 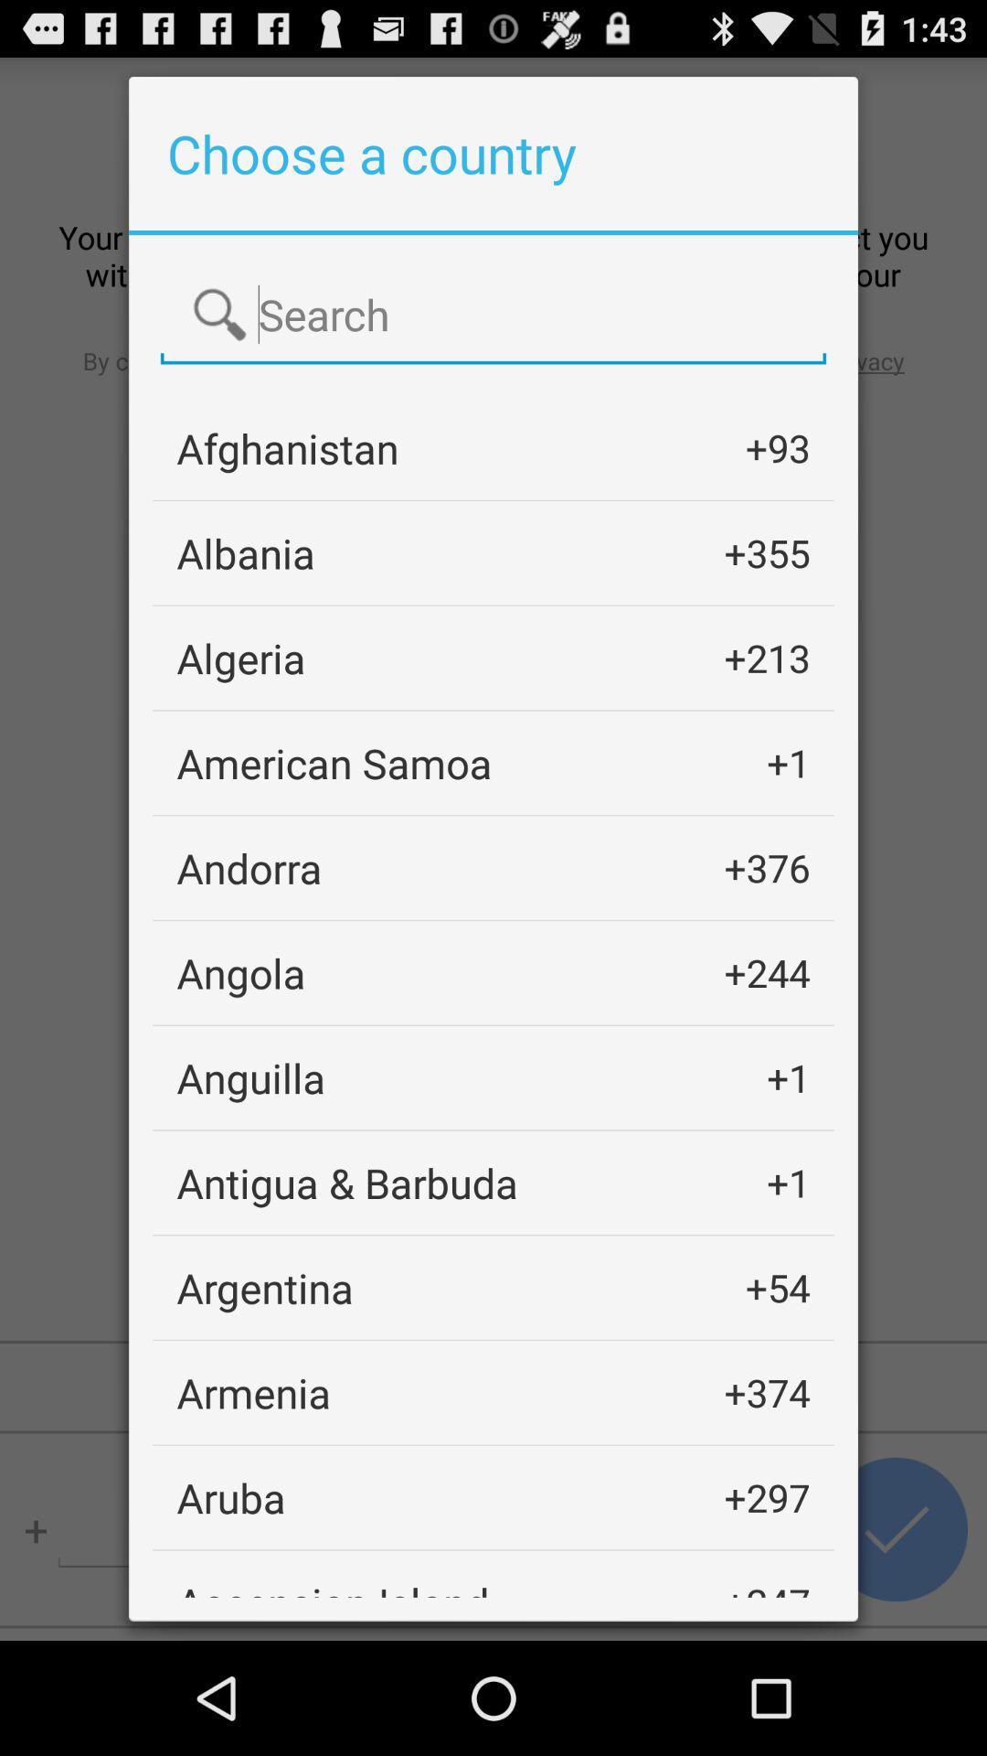 I want to click on the item to the right of aruba app, so click(x=767, y=1497).